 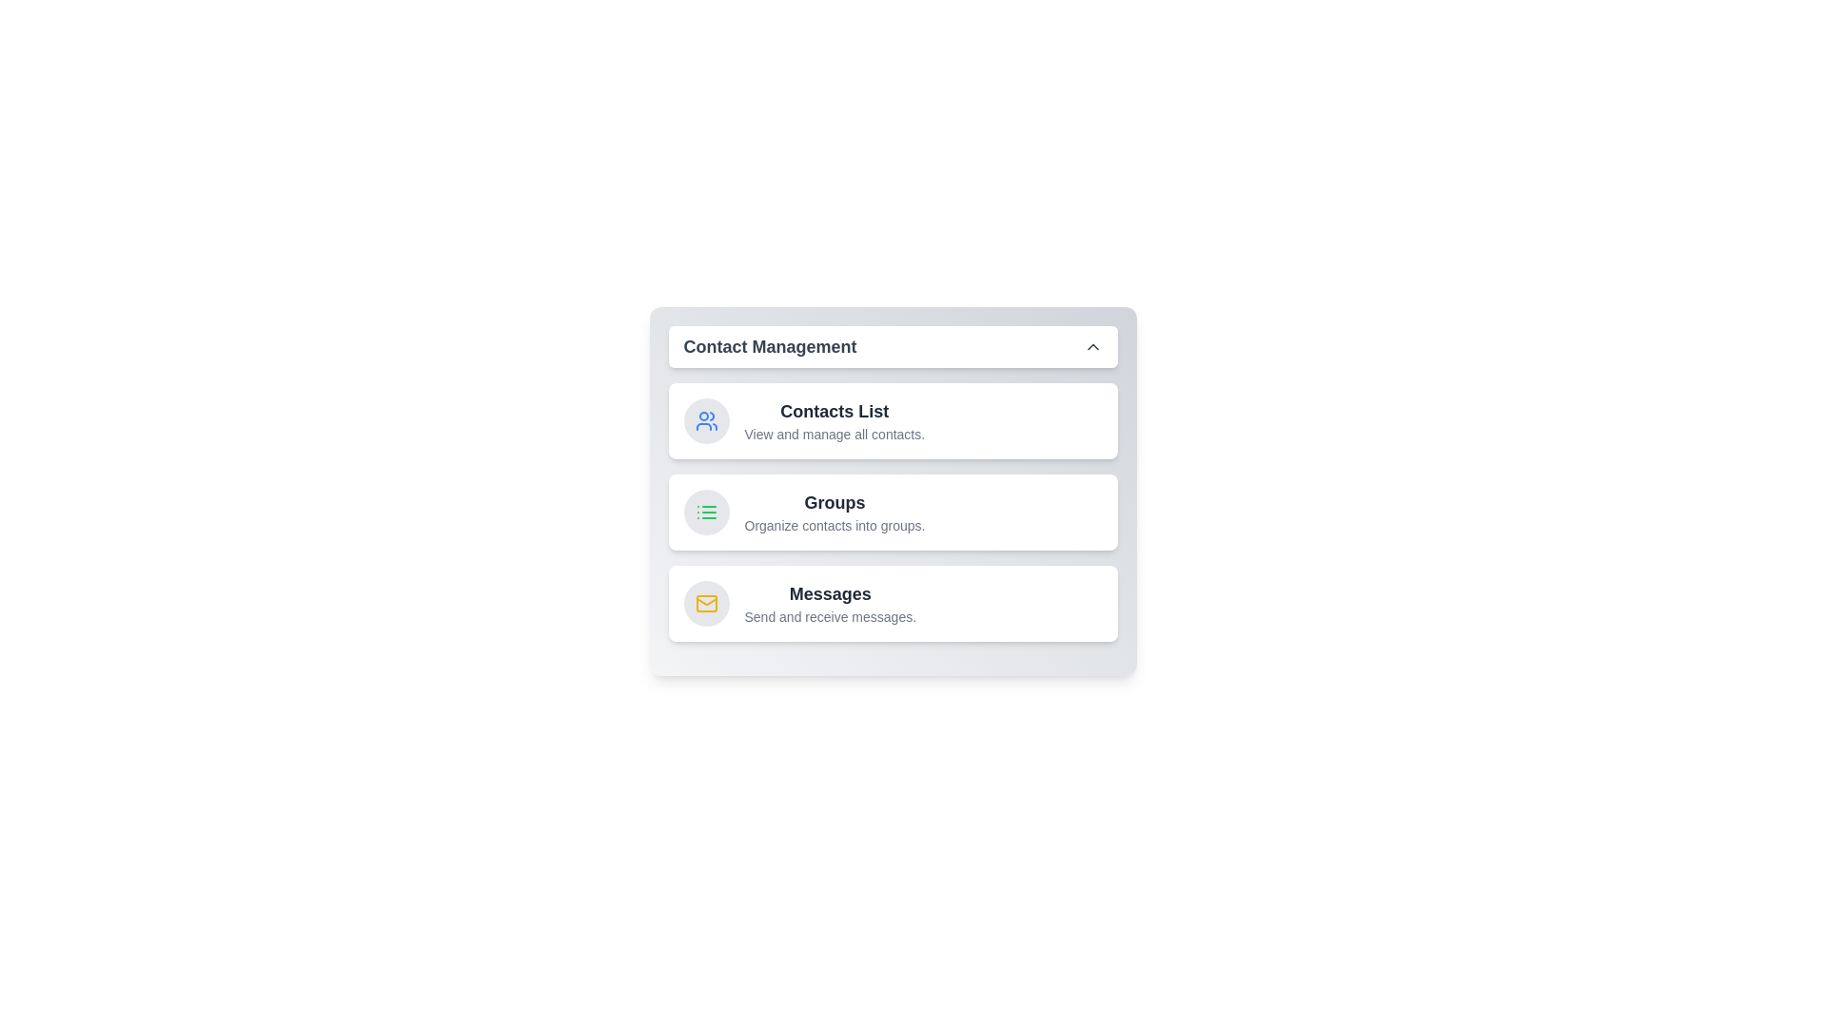 What do you see at coordinates (705, 604) in the screenshot?
I see `the icon of the menu item Messages to interact with it` at bounding box center [705, 604].